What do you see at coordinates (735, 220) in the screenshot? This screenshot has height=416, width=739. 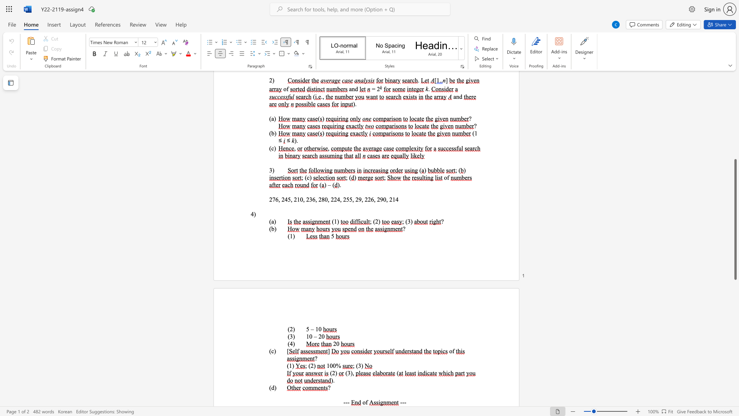 I see `the scrollbar and move up 270 pixels` at bounding box center [735, 220].